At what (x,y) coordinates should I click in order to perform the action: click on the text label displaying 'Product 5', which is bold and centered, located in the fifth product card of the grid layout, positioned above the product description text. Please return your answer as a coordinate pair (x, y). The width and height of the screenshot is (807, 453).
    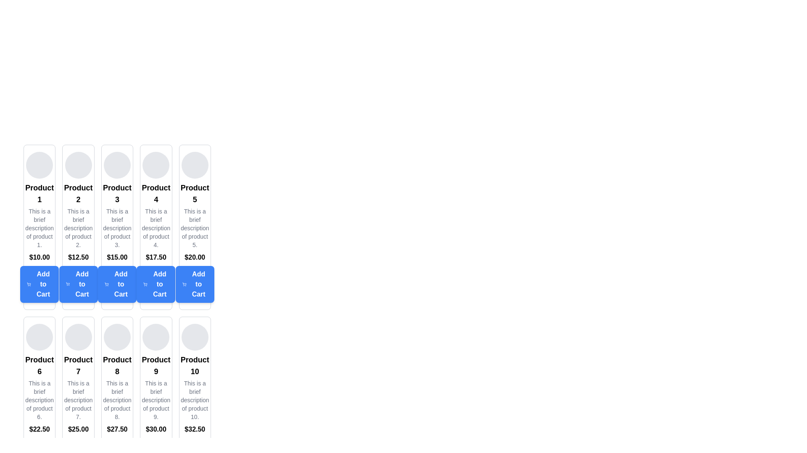
    Looking at the image, I should click on (194, 194).